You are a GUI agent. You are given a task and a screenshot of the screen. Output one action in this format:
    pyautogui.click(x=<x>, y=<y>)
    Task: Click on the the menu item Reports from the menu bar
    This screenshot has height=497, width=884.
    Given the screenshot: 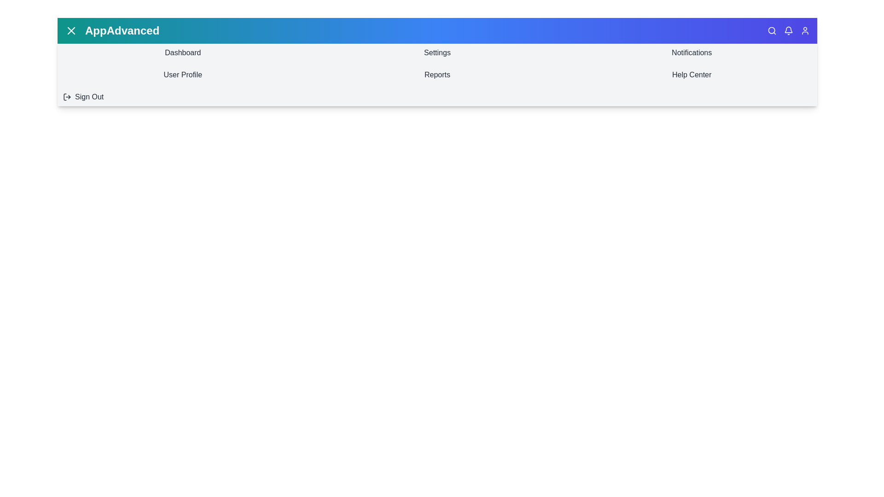 What is the action you would take?
    pyautogui.click(x=437, y=74)
    